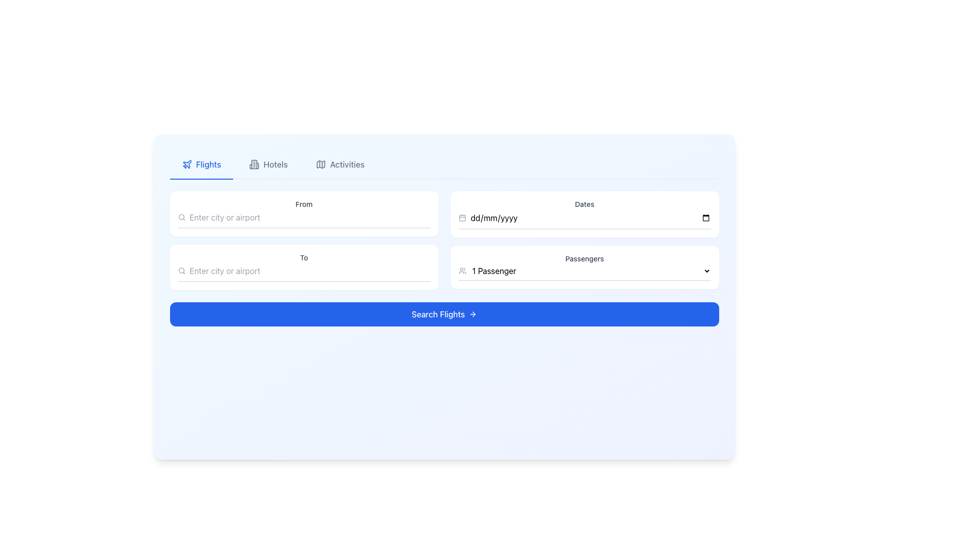 This screenshot has width=969, height=545. What do you see at coordinates (462, 217) in the screenshot?
I see `the date picker icon located immediately to the left of the 'dd/mm/yyyy' placeholder text in the 'Dates' input field of the 'Flights' search section` at bounding box center [462, 217].